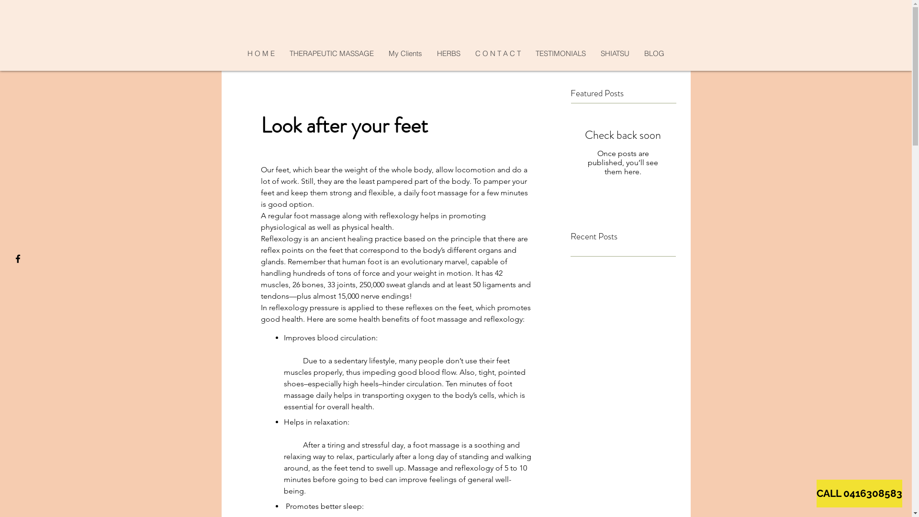 This screenshot has width=919, height=517. I want to click on 'BLOG', so click(636, 53).